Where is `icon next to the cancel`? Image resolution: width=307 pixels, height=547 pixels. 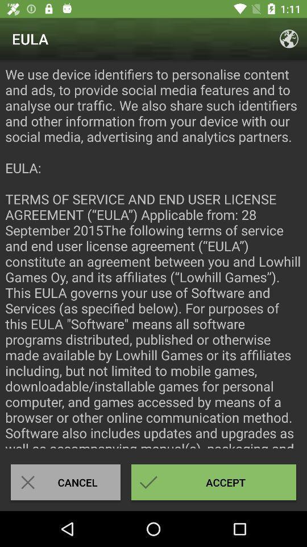
icon next to the cancel is located at coordinates (214, 481).